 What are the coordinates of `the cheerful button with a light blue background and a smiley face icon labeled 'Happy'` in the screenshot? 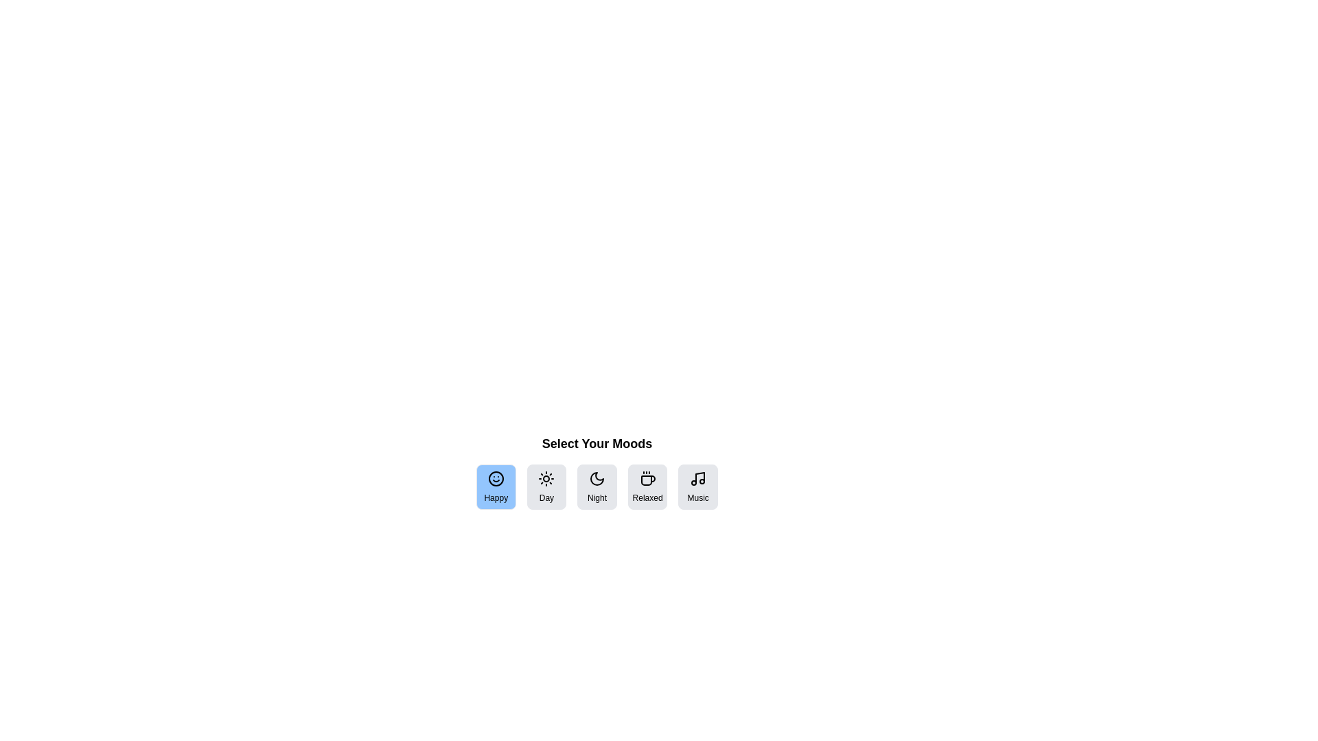 It's located at (495, 486).